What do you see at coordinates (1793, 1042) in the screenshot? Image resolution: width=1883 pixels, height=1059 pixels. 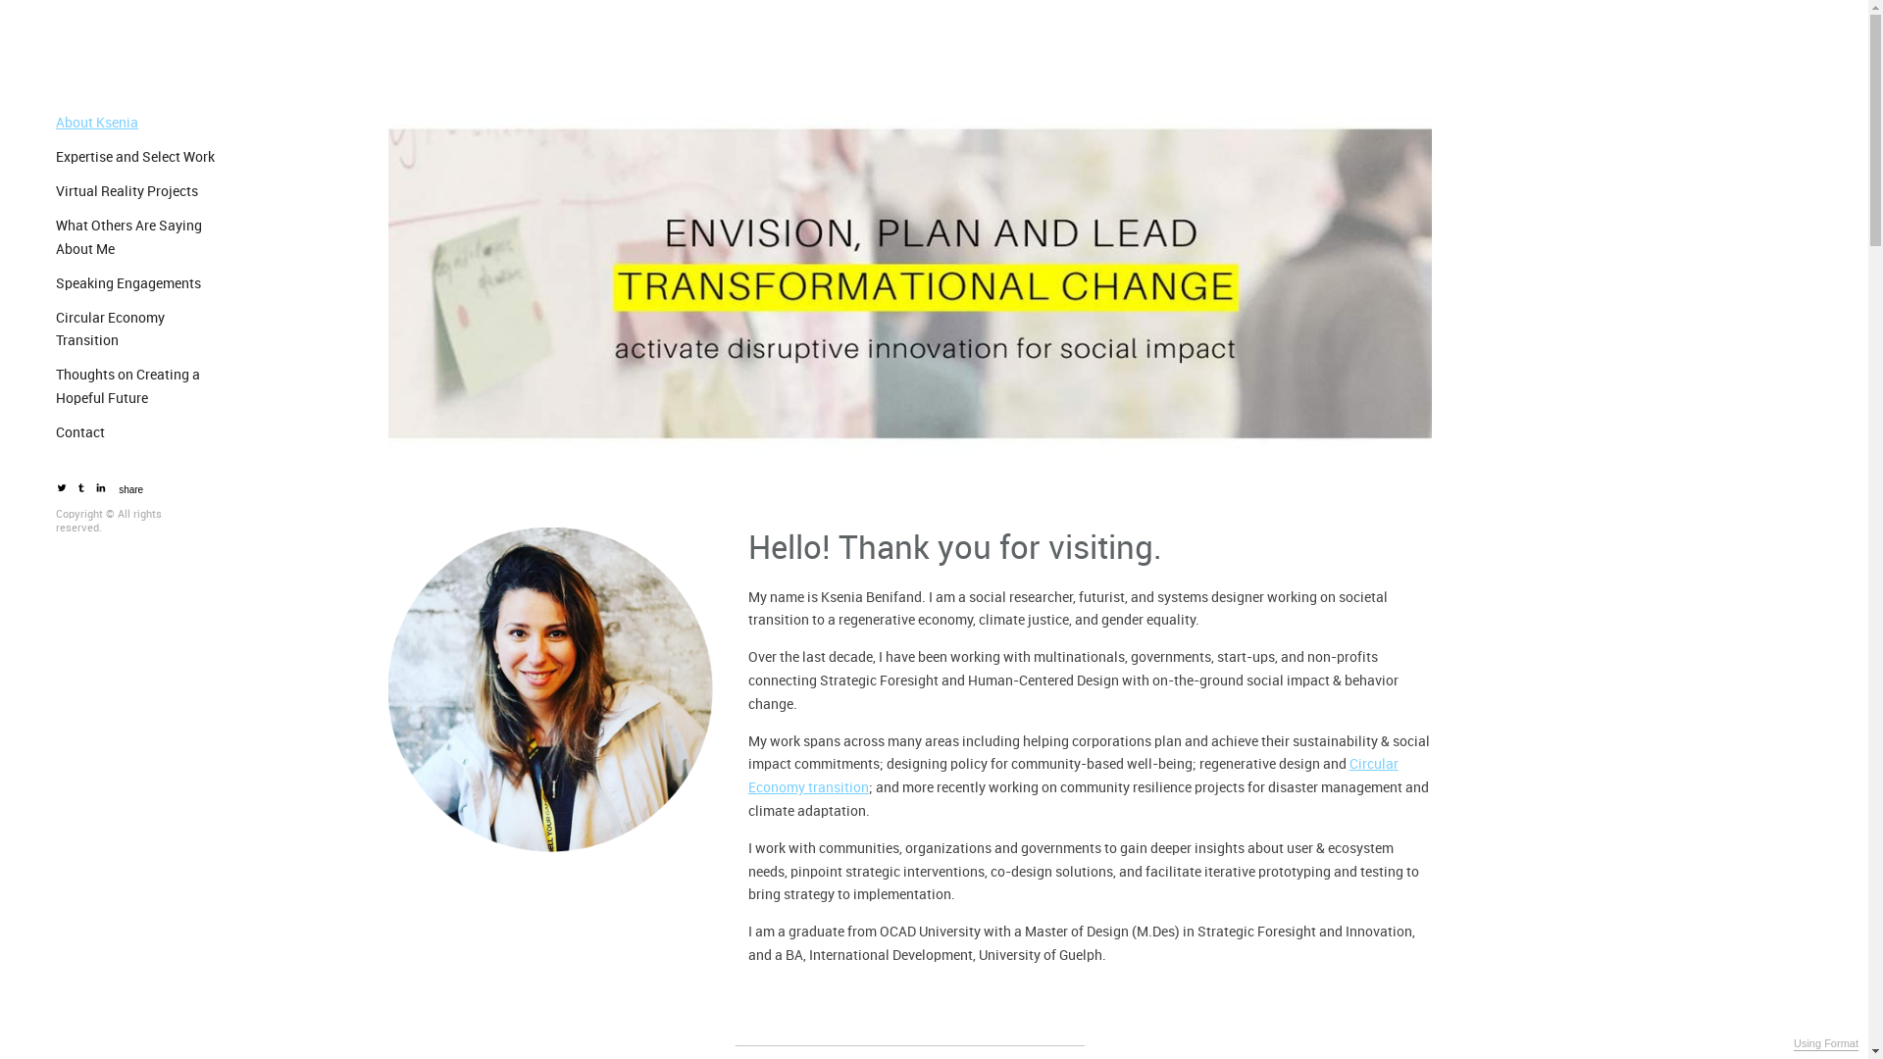 I see `'Using Format'` at bounding box center [1793, 1042].